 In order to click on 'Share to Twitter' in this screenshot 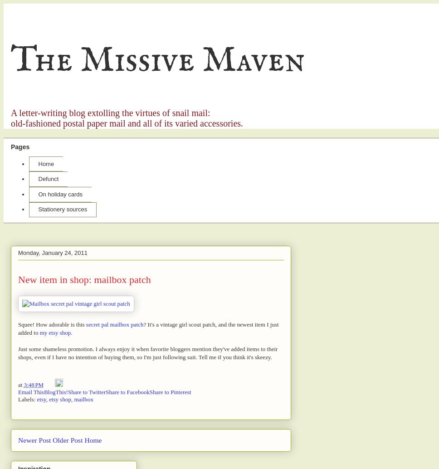, I will do `click(67, 391)`.